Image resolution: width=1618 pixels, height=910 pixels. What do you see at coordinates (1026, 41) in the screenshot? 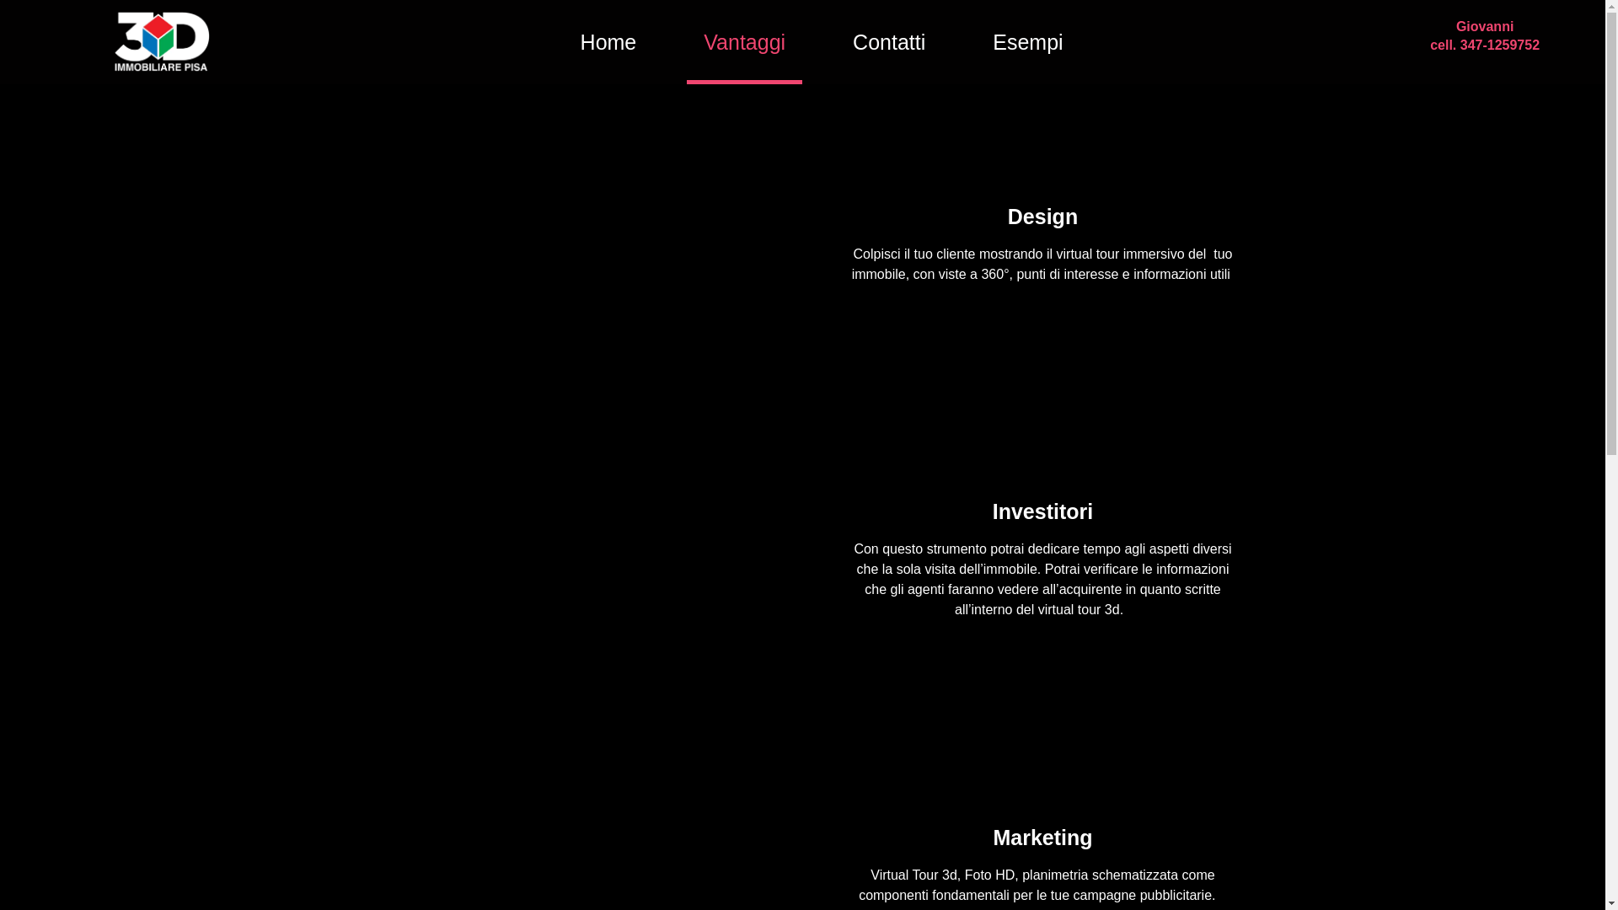
I see `'Esempi'` at bounding box center [1026, 41].